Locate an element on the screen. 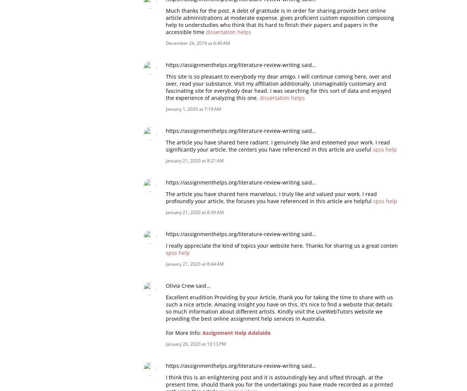 The width and height of the screenshot is (467, 391). 'December 24, 2019 at 6:40 AM' is located at coordinates (198, 43).